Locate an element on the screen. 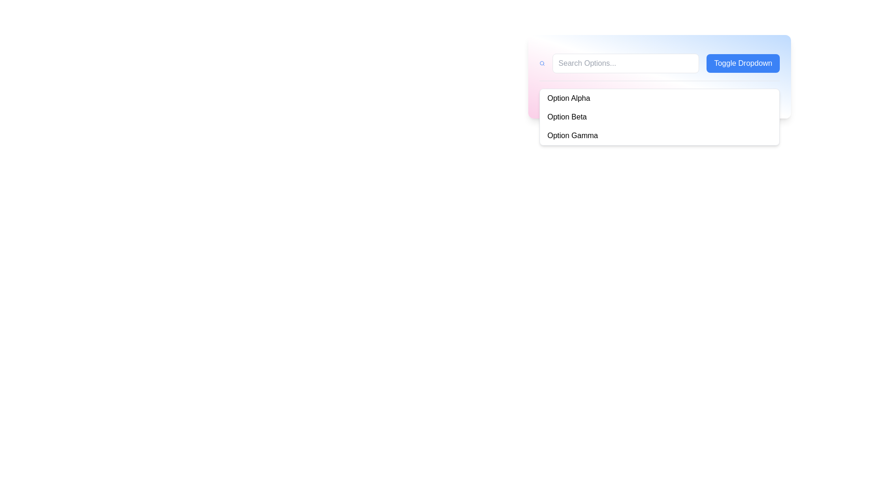 The height and width of the screenshot is (504, 896). the 'Toggle Dropdown' button with rounded edges, which has a blue background and white text is located at coordinates (742, 63).